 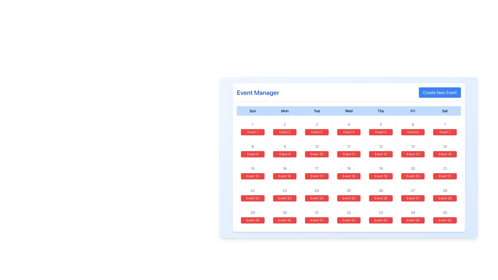 What do you see at coordinates (316, 132) in the screenshot?
I see `the button labeled 'Event 3' with a red background located below the gray-shaded number '3' in the calendar grid` at bounding box center [316, 132].